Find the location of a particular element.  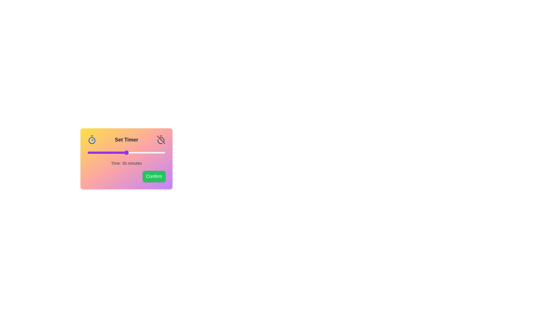

the slider to the desired time value 44 minutes is located at coordinates (145, 152).